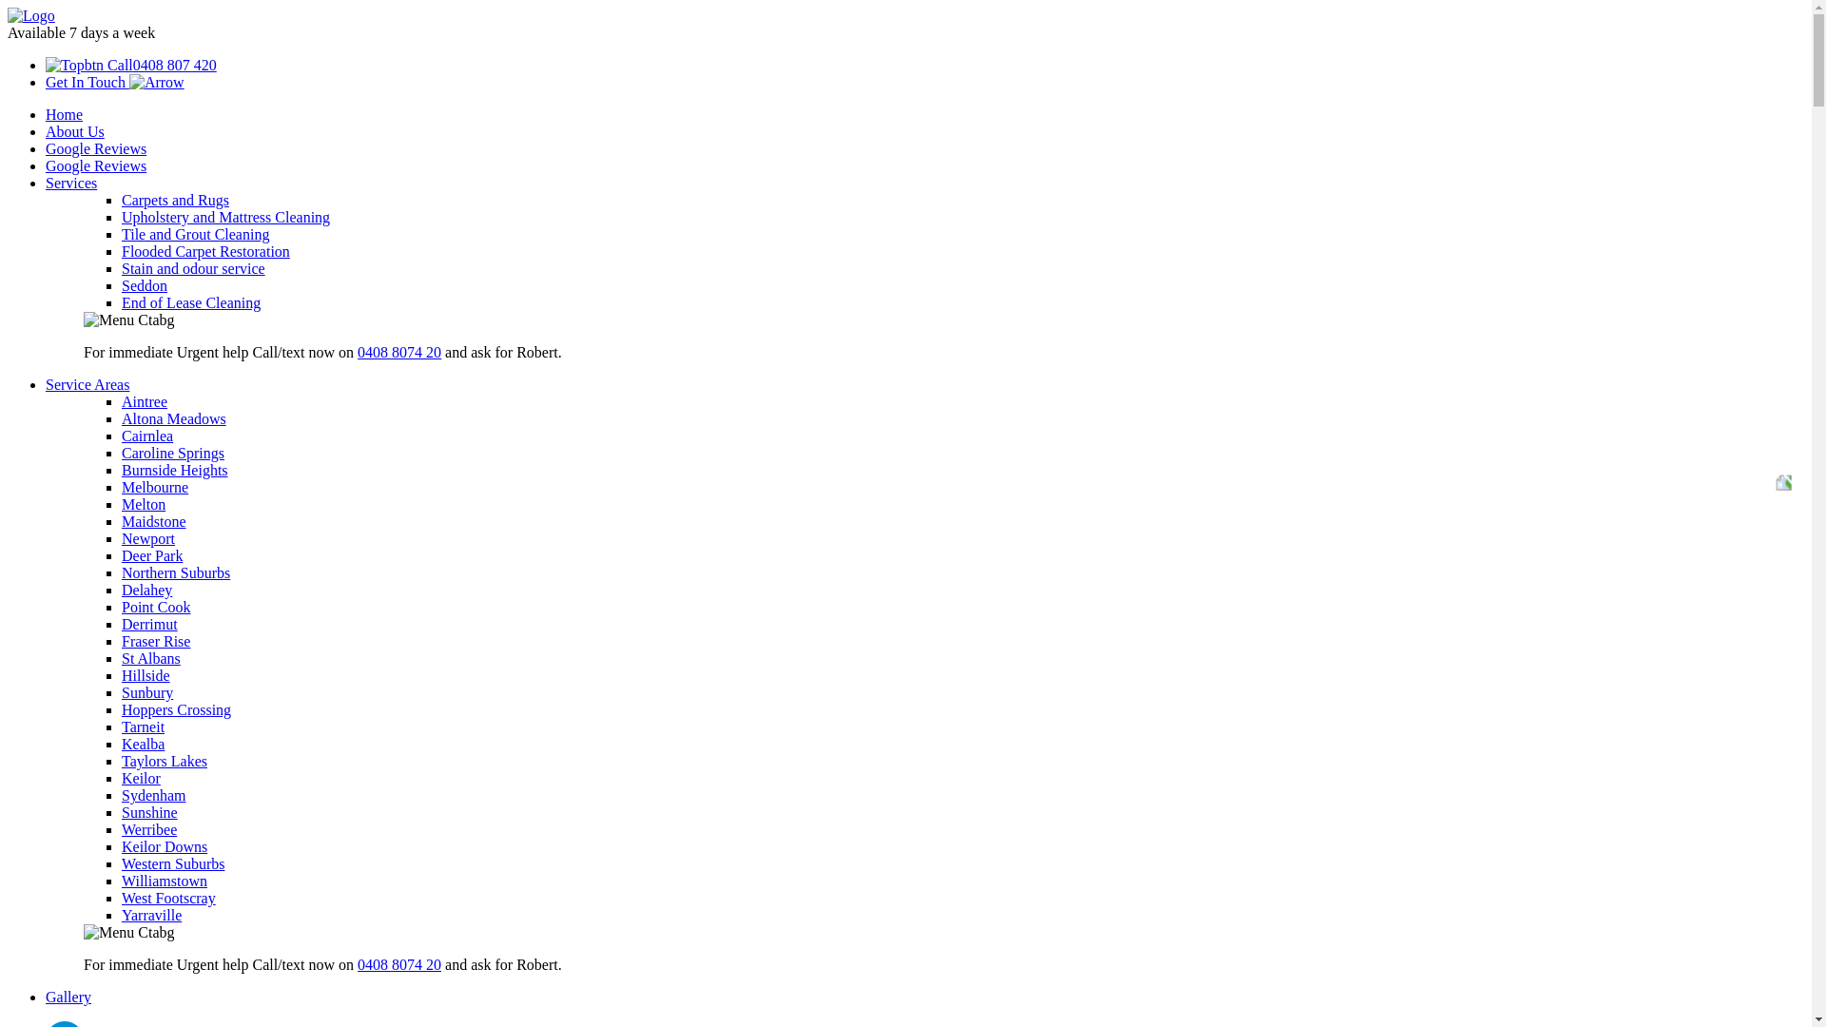  I want to click on 'Tile and Grout Cleaning', so click(195, 233).